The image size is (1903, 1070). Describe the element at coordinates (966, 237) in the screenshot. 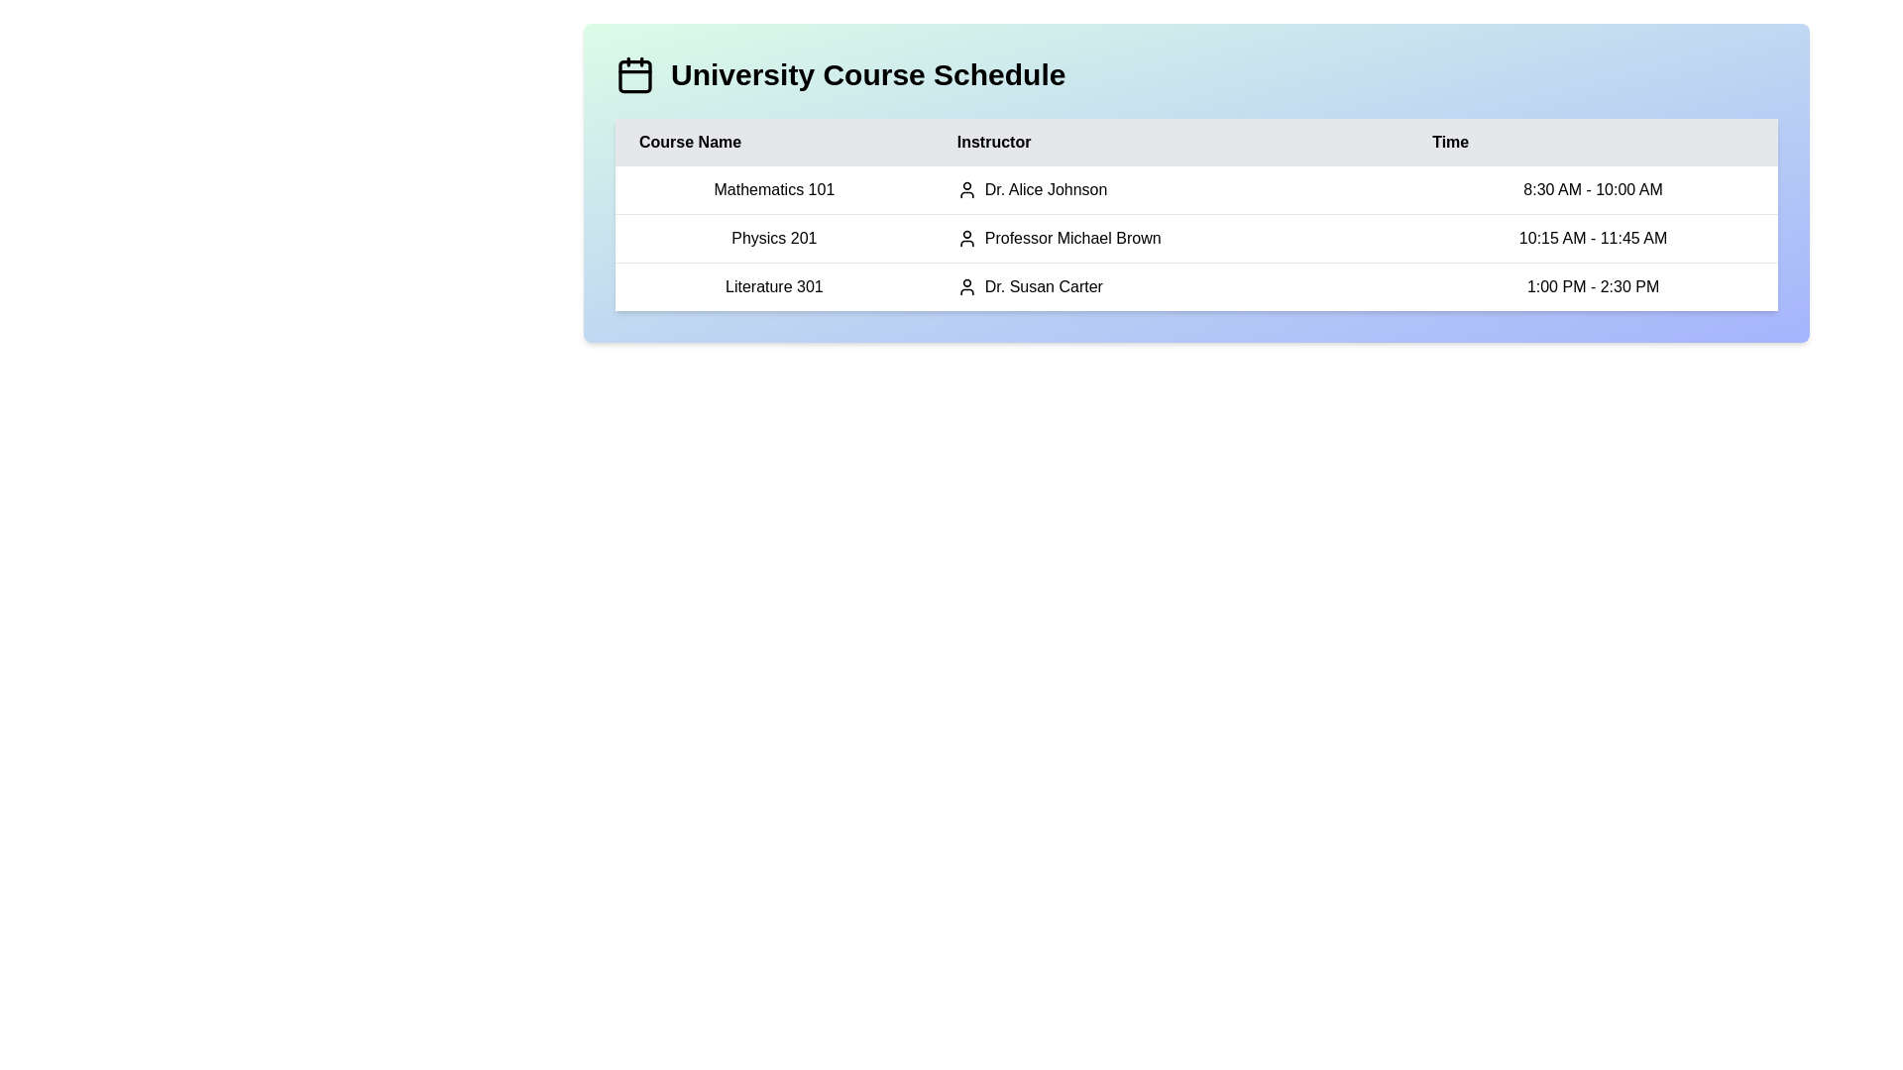

I see `the user profile avatar icon located in the second row under the 'Instructor' column, next to 'Professor Michael Brown'` at that location.